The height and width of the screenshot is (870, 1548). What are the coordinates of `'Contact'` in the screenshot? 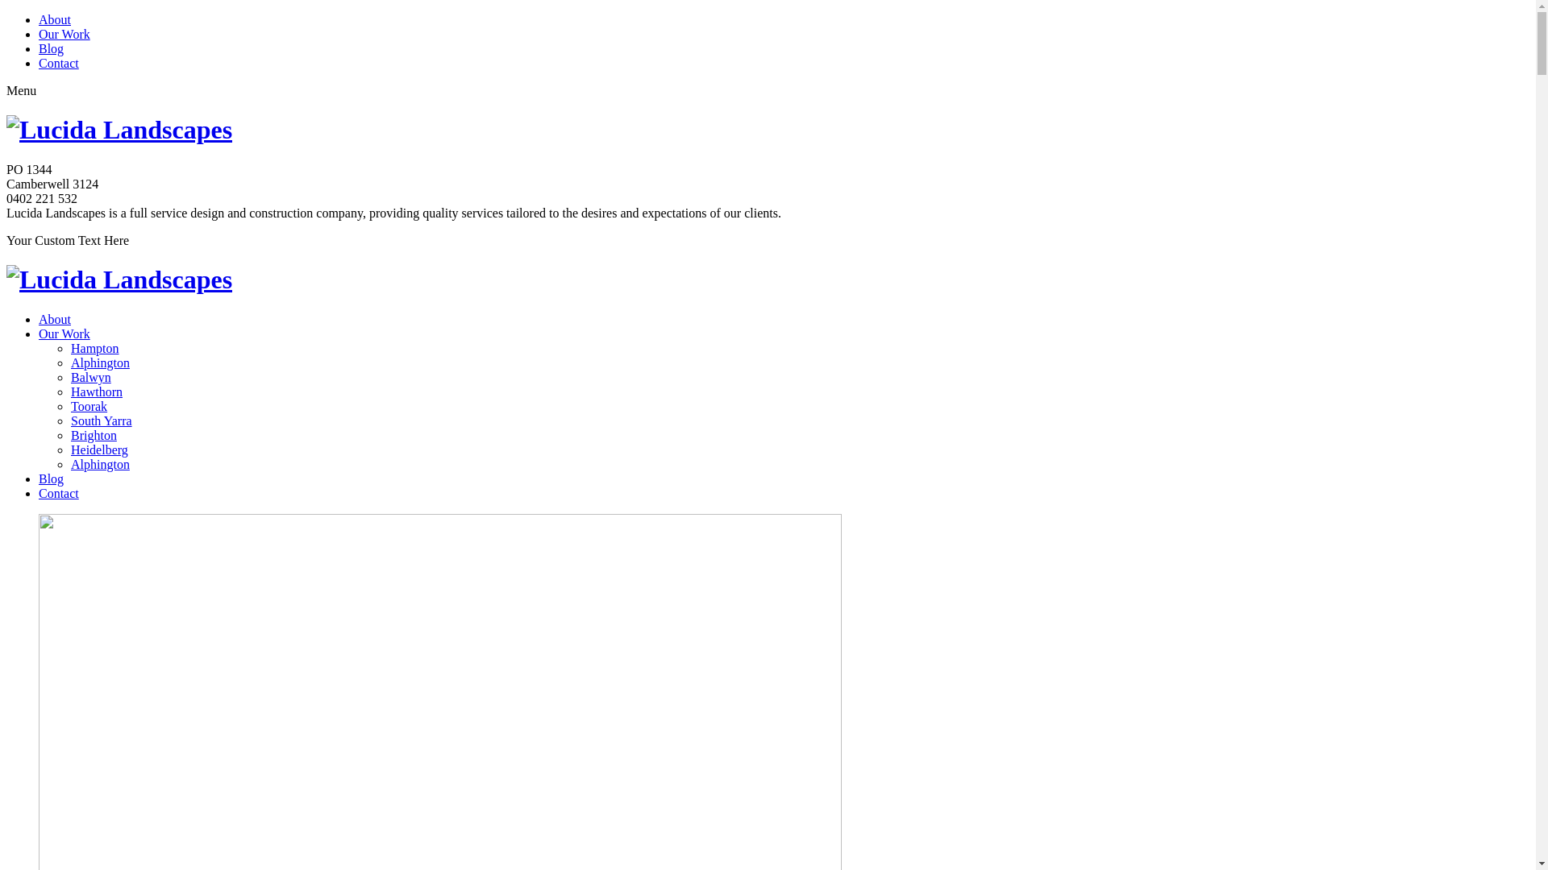 It's located at (39, 492).